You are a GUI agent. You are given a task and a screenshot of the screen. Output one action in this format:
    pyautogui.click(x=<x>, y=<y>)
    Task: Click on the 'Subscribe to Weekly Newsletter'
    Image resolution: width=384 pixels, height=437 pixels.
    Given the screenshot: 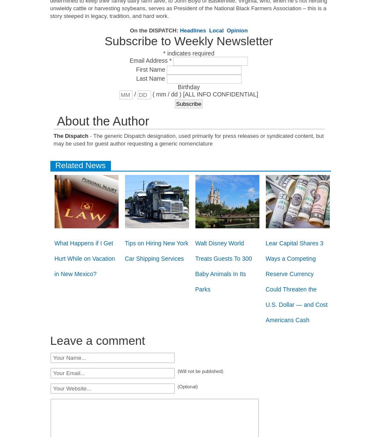 What is the action you would take?
    pyautogui.click(x=104, y=41)
    